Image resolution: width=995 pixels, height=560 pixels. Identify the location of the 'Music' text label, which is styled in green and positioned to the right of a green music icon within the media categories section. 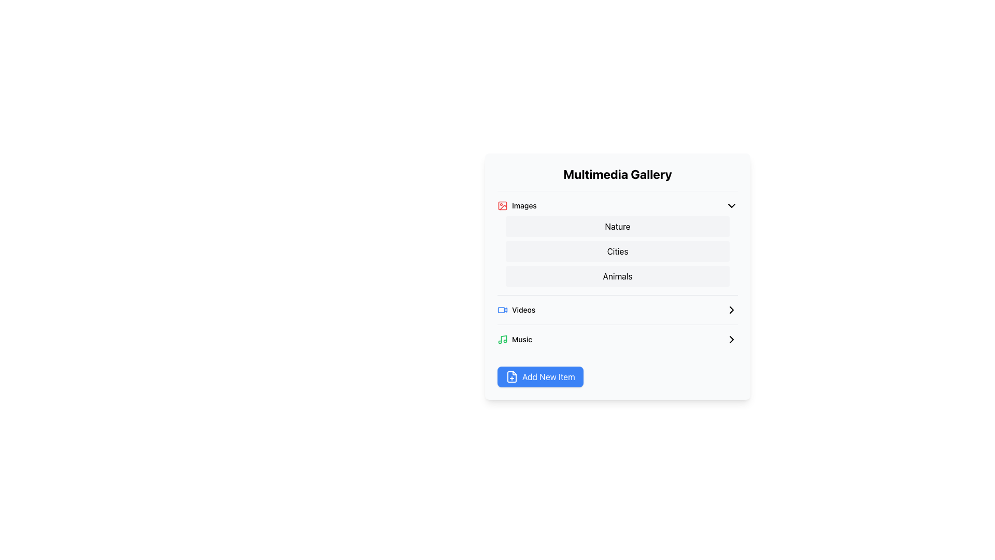
(522, 340).